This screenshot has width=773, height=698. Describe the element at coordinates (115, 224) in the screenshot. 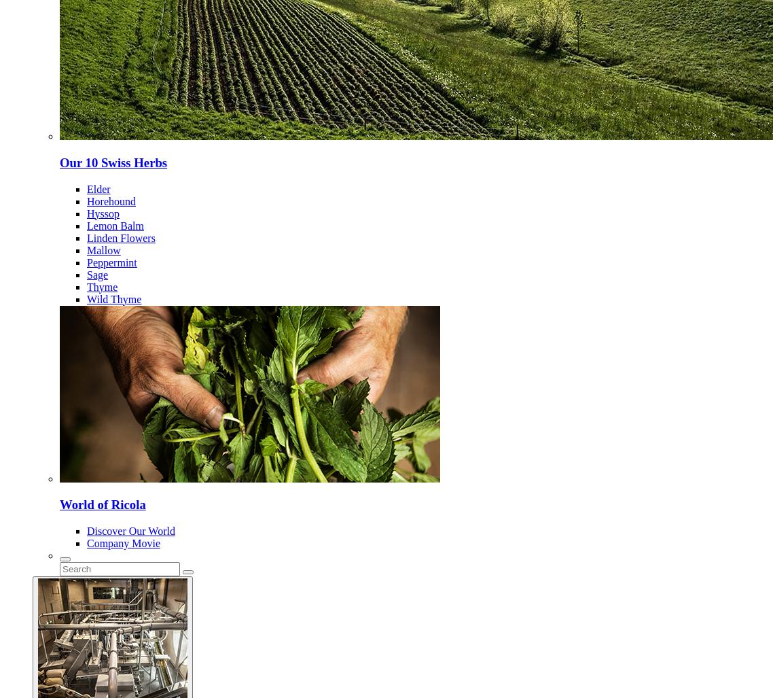

I see `'Lemon Balm'` at that location.